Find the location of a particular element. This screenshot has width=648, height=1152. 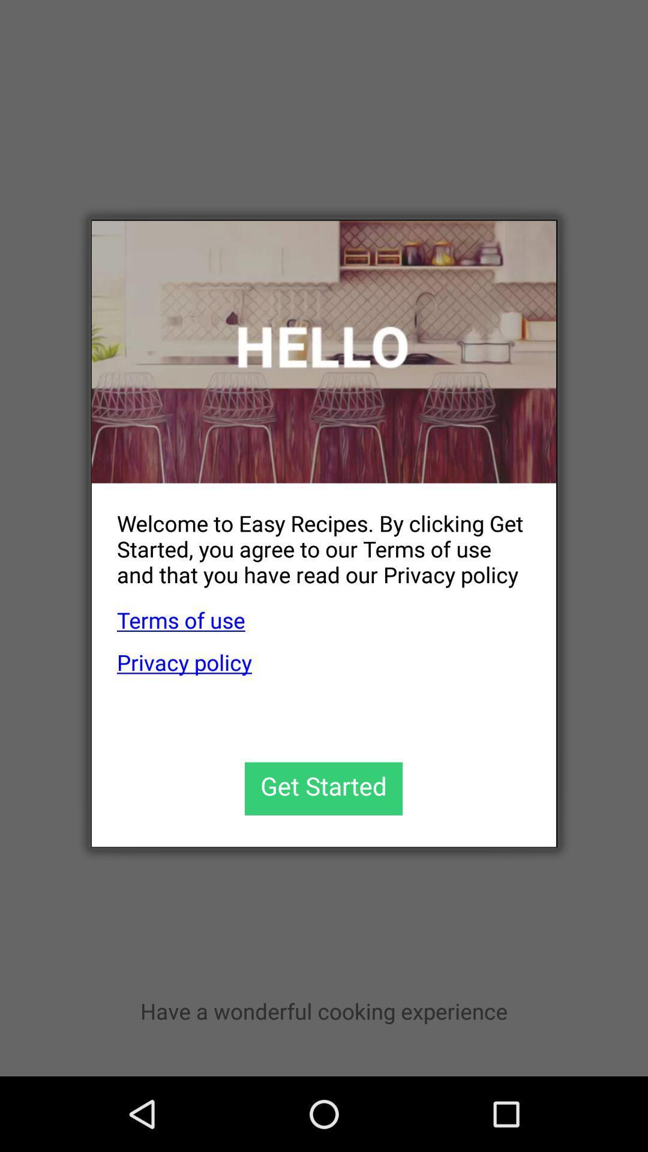

icon below the privacy policy item is located at coordinates (323, 788).